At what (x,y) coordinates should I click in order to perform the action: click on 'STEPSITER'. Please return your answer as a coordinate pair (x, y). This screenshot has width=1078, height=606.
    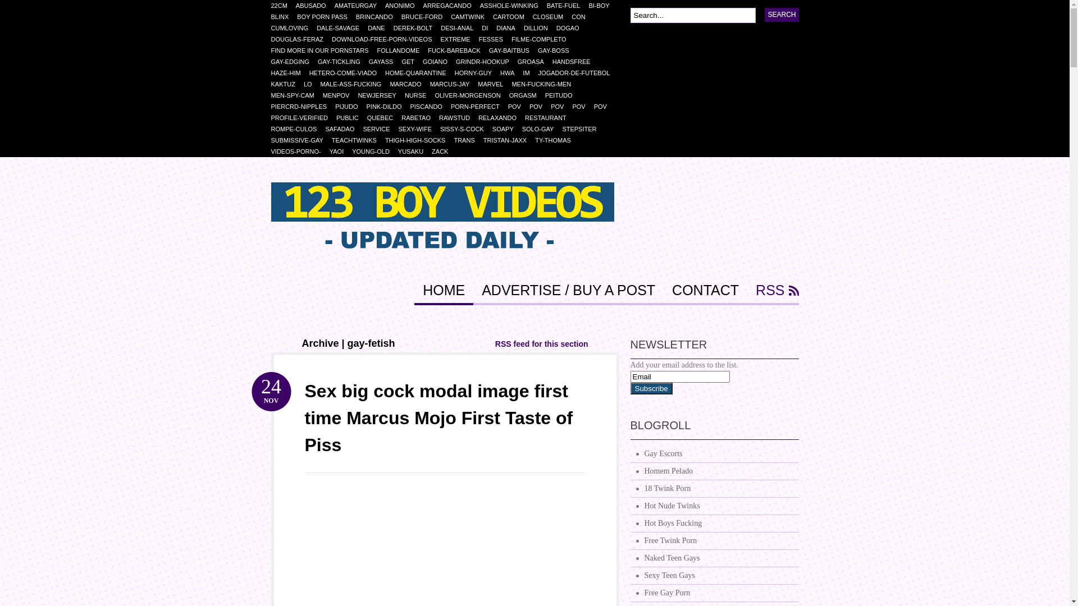
    Looking at the image, I should click on (562, 128).